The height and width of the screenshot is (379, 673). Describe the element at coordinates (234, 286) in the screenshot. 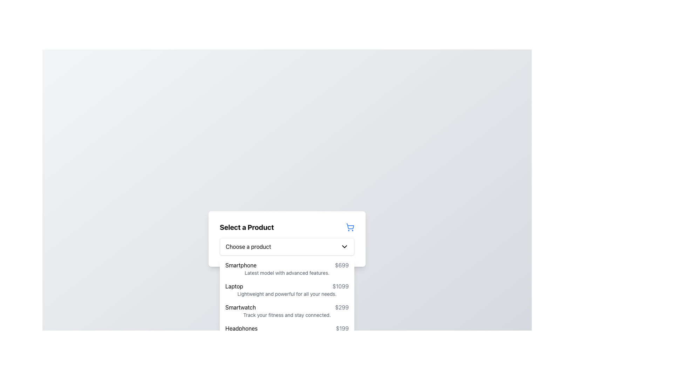

I see `the 'Laptop' text label in the dropdown menu under the 'Select a Product' section, which is the second item in the list before the price text '$1099'` at that location.